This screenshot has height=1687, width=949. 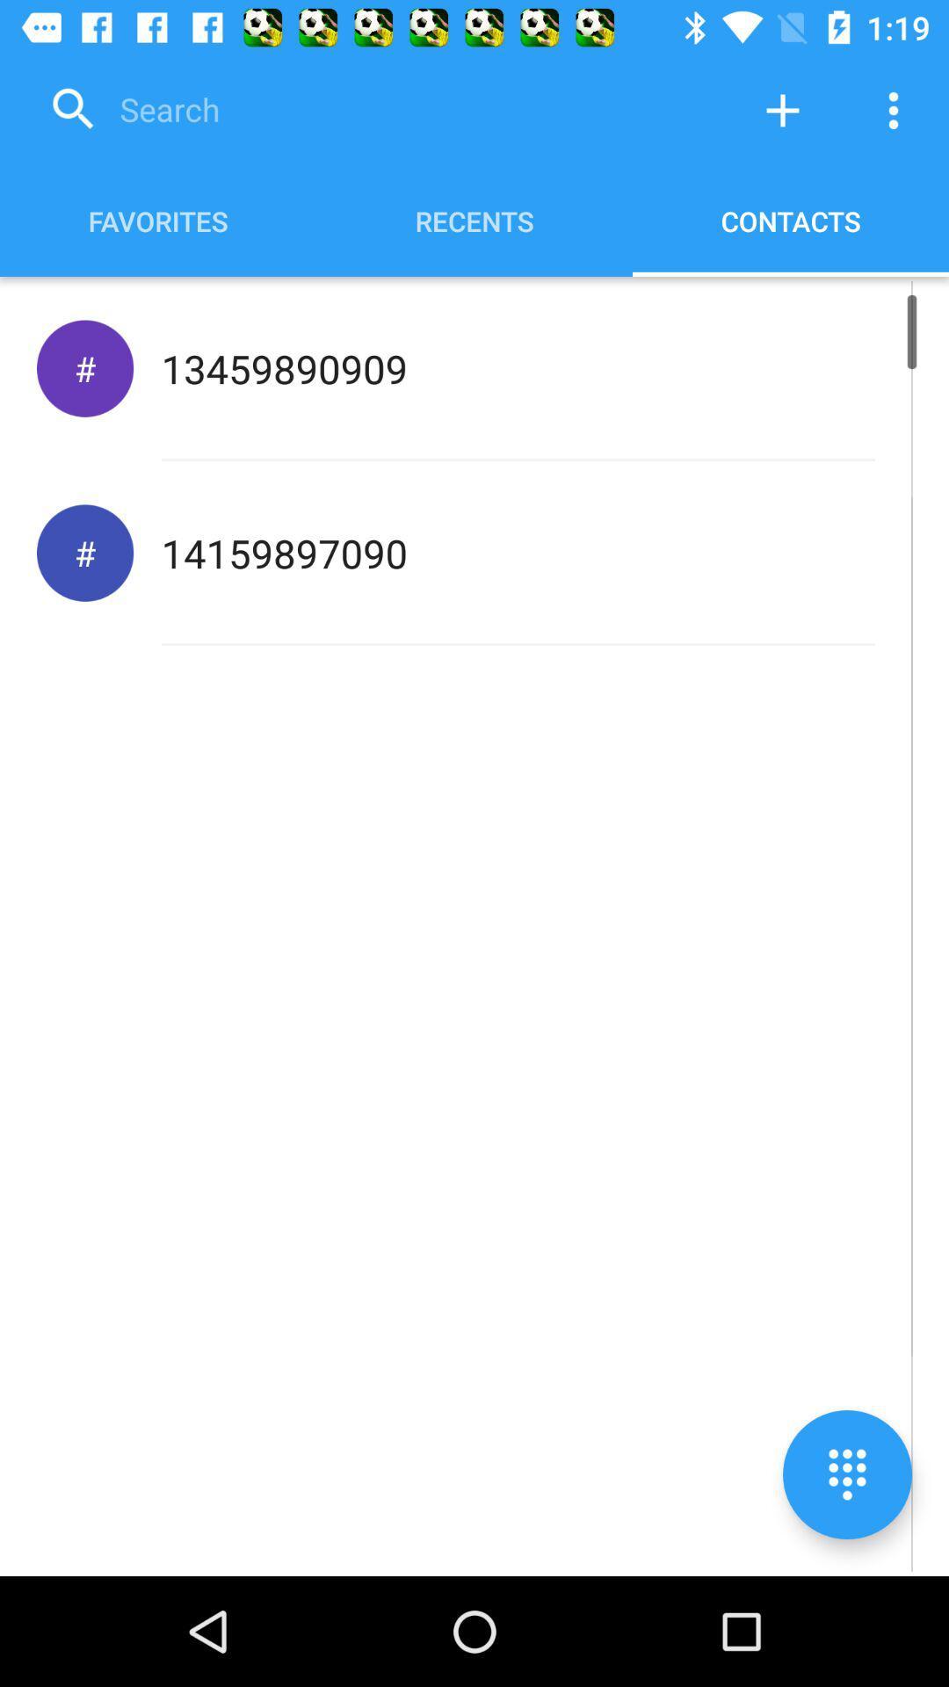 What do you see at coordinates (846, 1474) in the screenshot?
I see `the dialpad icon` at bounding box center [846, 1474].